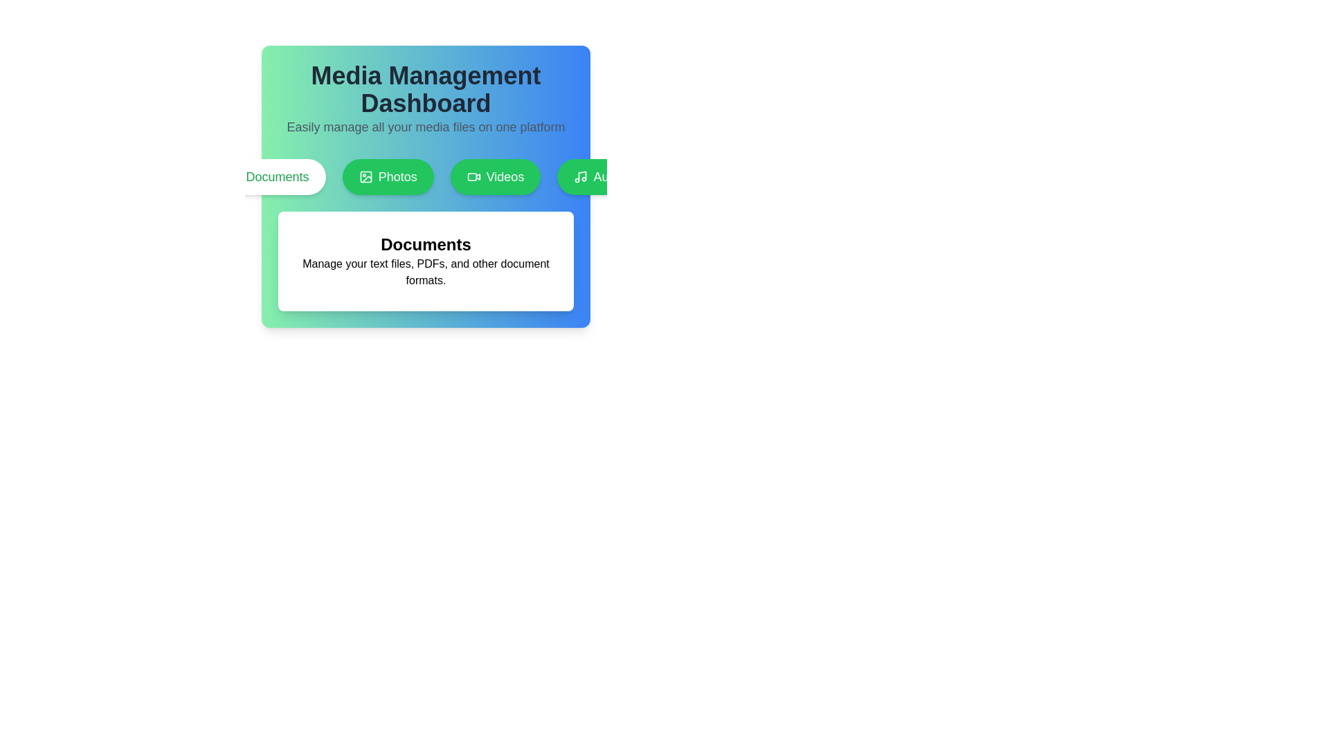 This screenshot has height=747, width=1329. I want to click on the music icon with a green background and a white outline, located to the left of the 'Audio' button in the bottom row of buttons on the blue card layout, so click(581, 176).